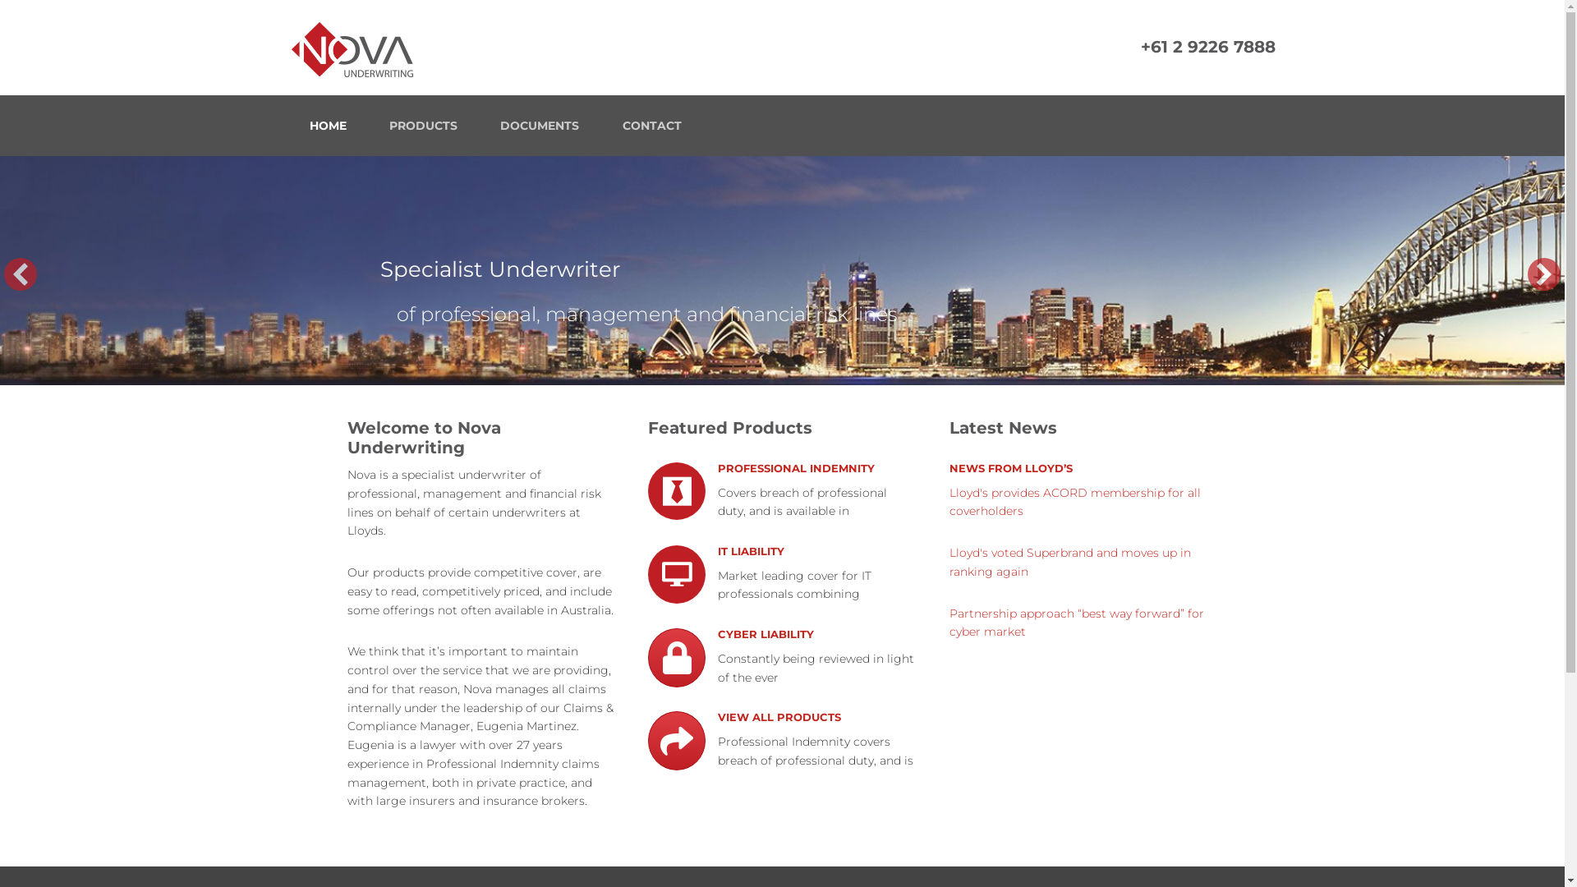 Image resolution: width=1577 pixels, height=887 pixels. Describe the element at coordinates (1069, 562) in the screenshot. I see `'Lloyd's voted Superbrand and moves up in ranking again'` at that location.